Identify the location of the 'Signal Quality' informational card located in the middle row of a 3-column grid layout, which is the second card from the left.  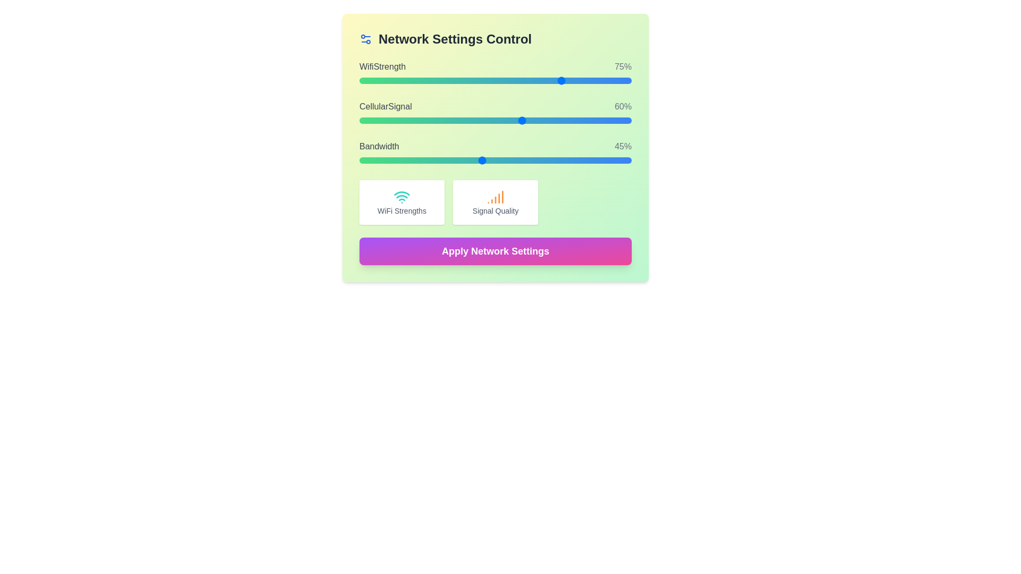
(495, 202).